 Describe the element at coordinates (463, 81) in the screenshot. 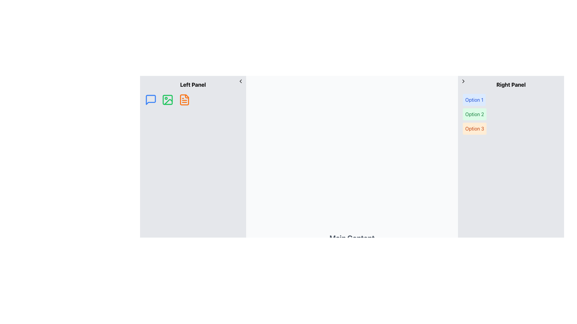

I see `the small black arrow icon button styled as a chevron, located in the top-left corner of the right-side panel` at that location.